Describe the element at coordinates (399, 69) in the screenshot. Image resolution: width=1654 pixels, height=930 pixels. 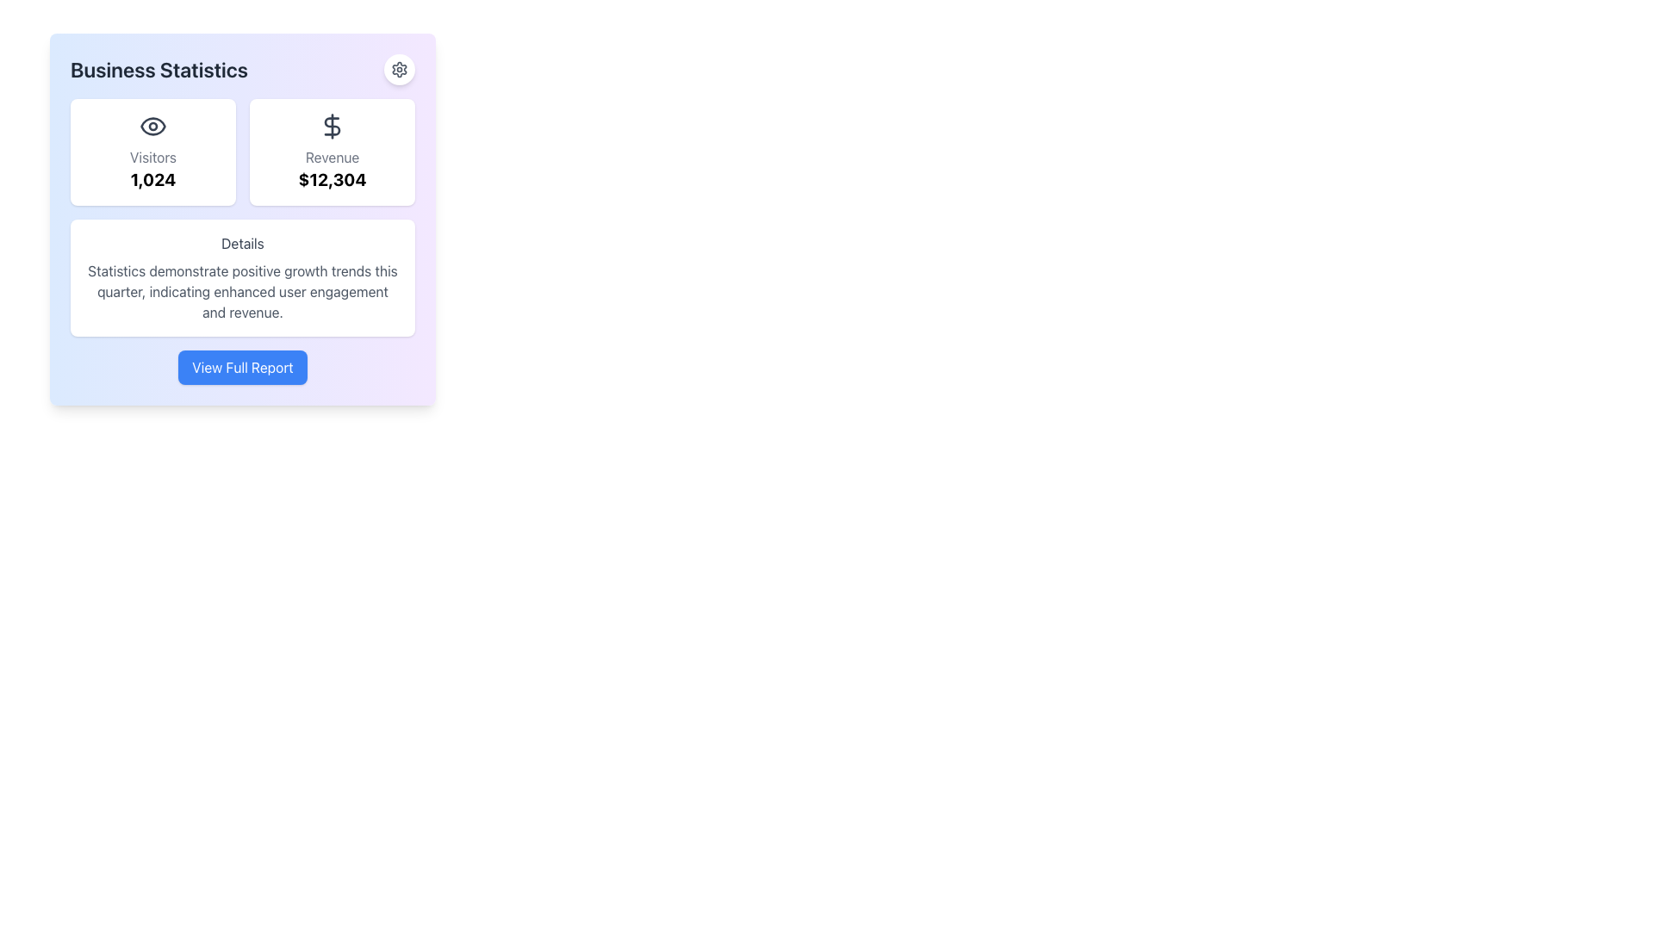
I see `the gear-like icon button located in the top-right corner of the 'Business Statistics' card to invoke the associated settings` at that location.